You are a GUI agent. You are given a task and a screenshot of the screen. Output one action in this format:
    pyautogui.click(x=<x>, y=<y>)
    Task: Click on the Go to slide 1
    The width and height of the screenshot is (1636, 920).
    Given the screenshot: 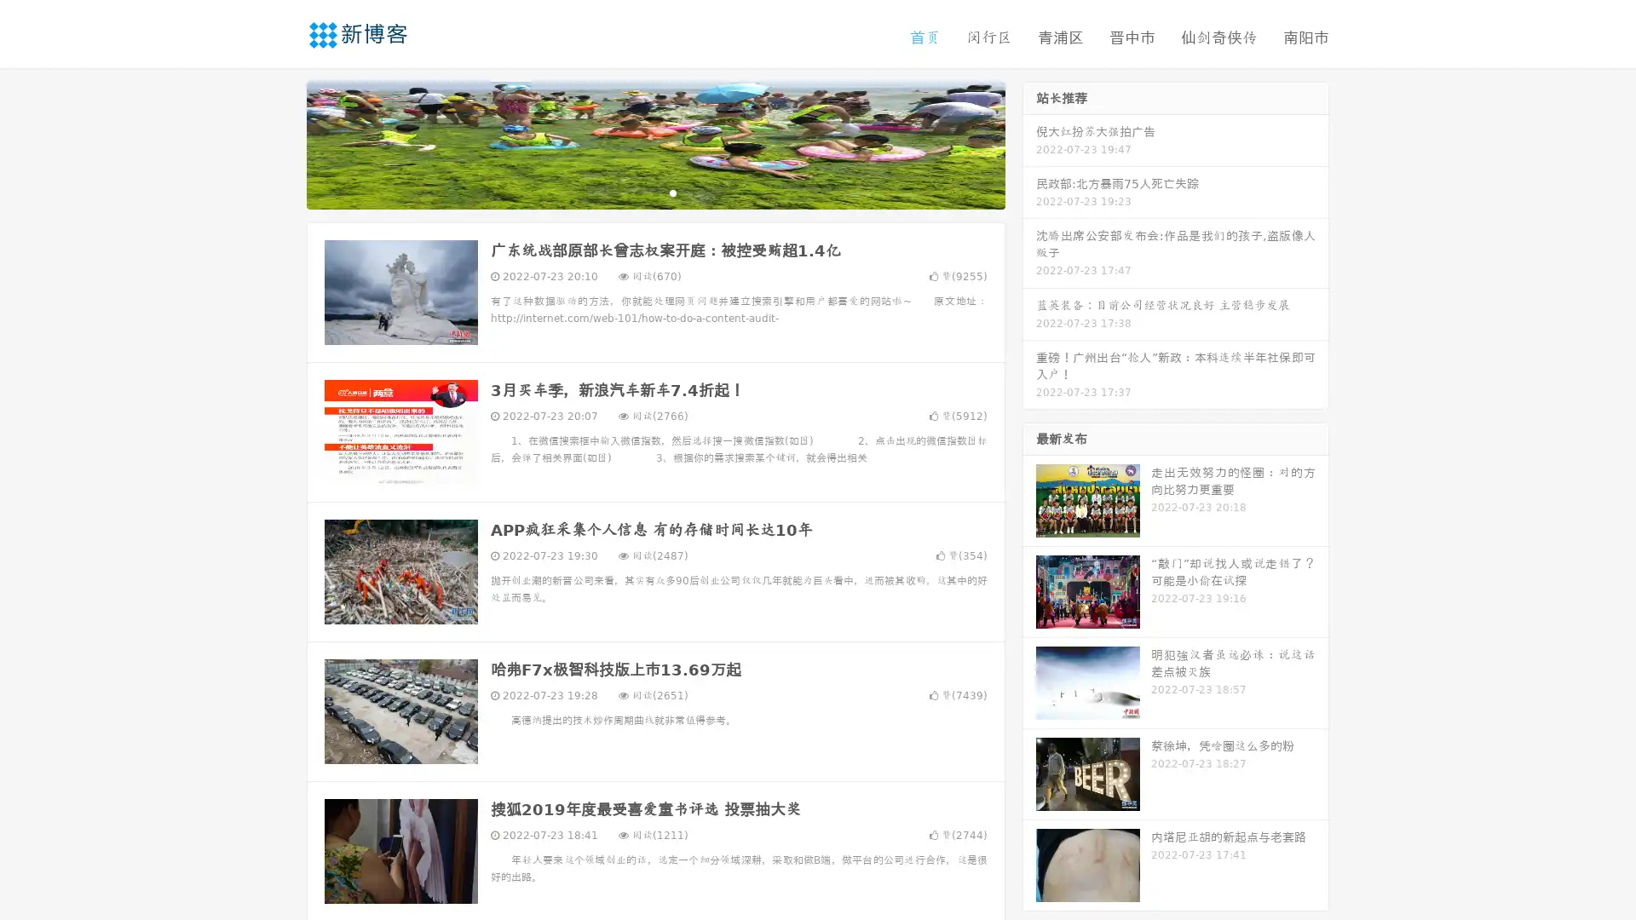 What is the action you would take?
    pyautogui.click(x=637, y=192)
    